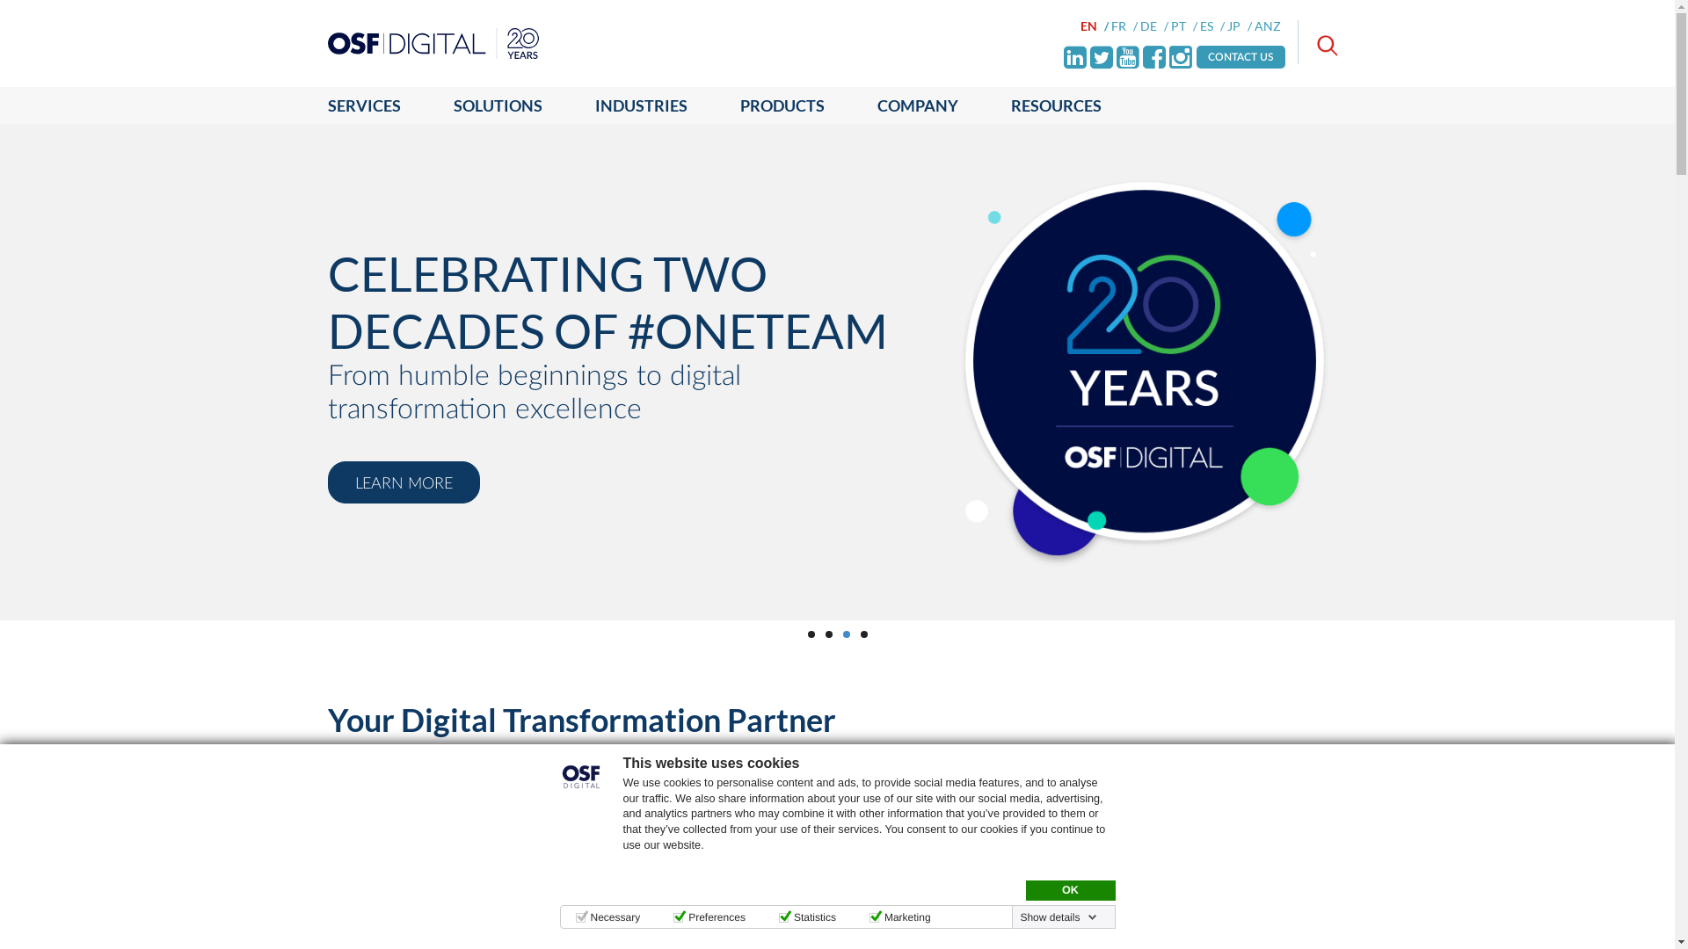  Describe the element at coordinates (1196, 56) in the screenshot. I see `'CONTACT US'` at that location.